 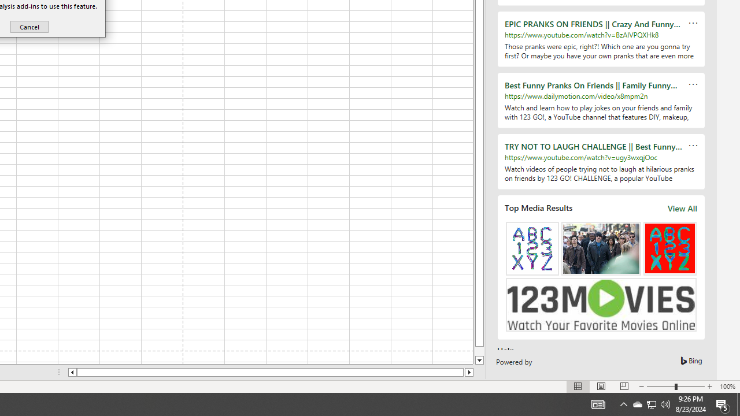 What do you see at coordinates (623, 403) in the screenshot?
I see `'Notification Chevron'` at bounding box center [623, 403].